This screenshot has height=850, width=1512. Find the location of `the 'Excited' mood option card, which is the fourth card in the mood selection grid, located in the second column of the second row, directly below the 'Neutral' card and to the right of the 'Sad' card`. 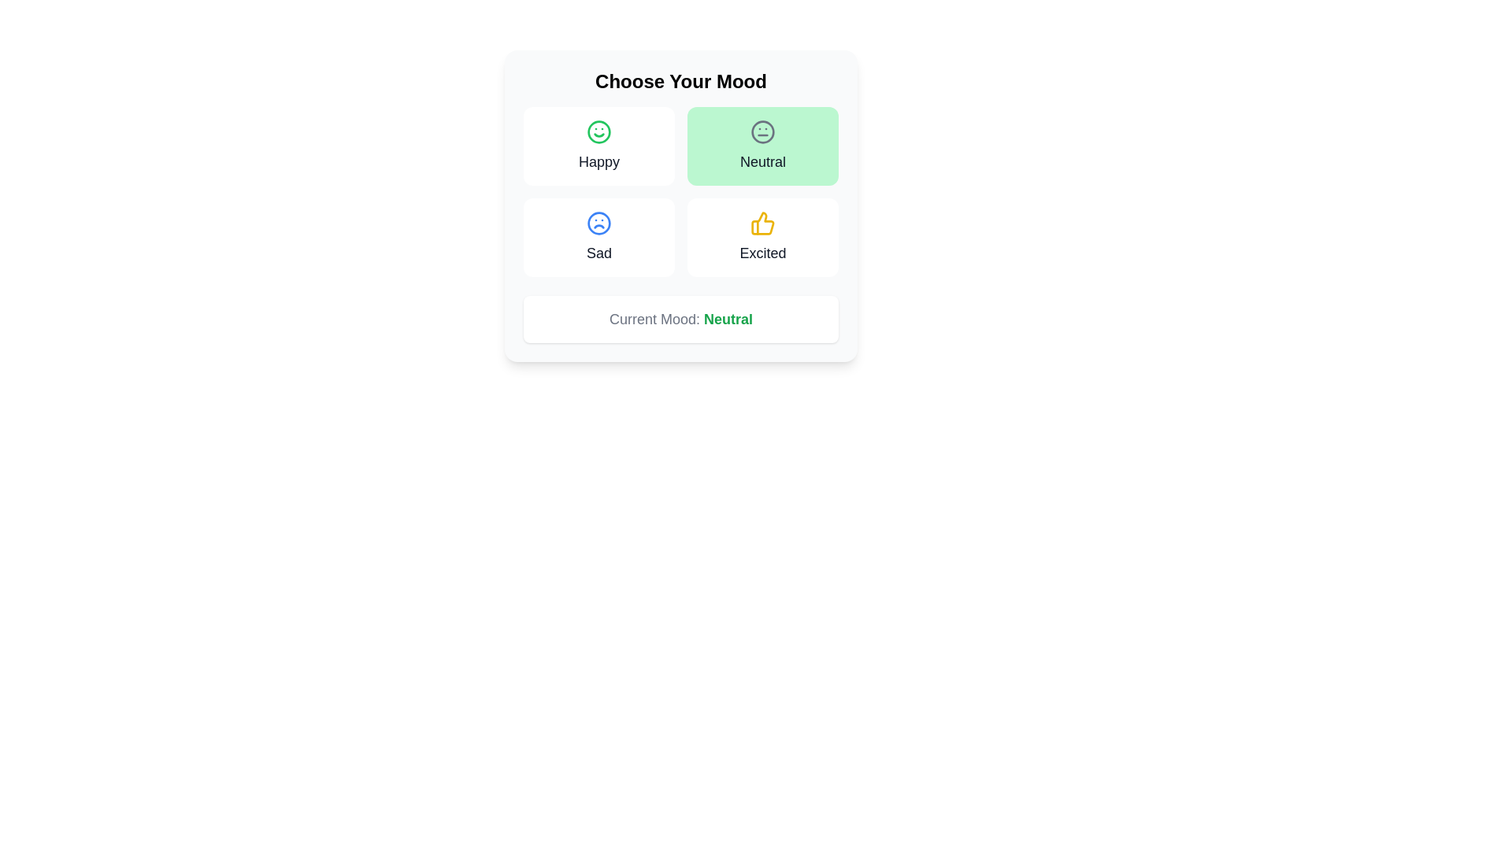

the 'Excited' mood option card, which is the fourth card in the mood selection grid, located in the second column of the second row, directly below the 'Neutral' card and to the right of the 'Sad' card is located at coordinates (763, 237).